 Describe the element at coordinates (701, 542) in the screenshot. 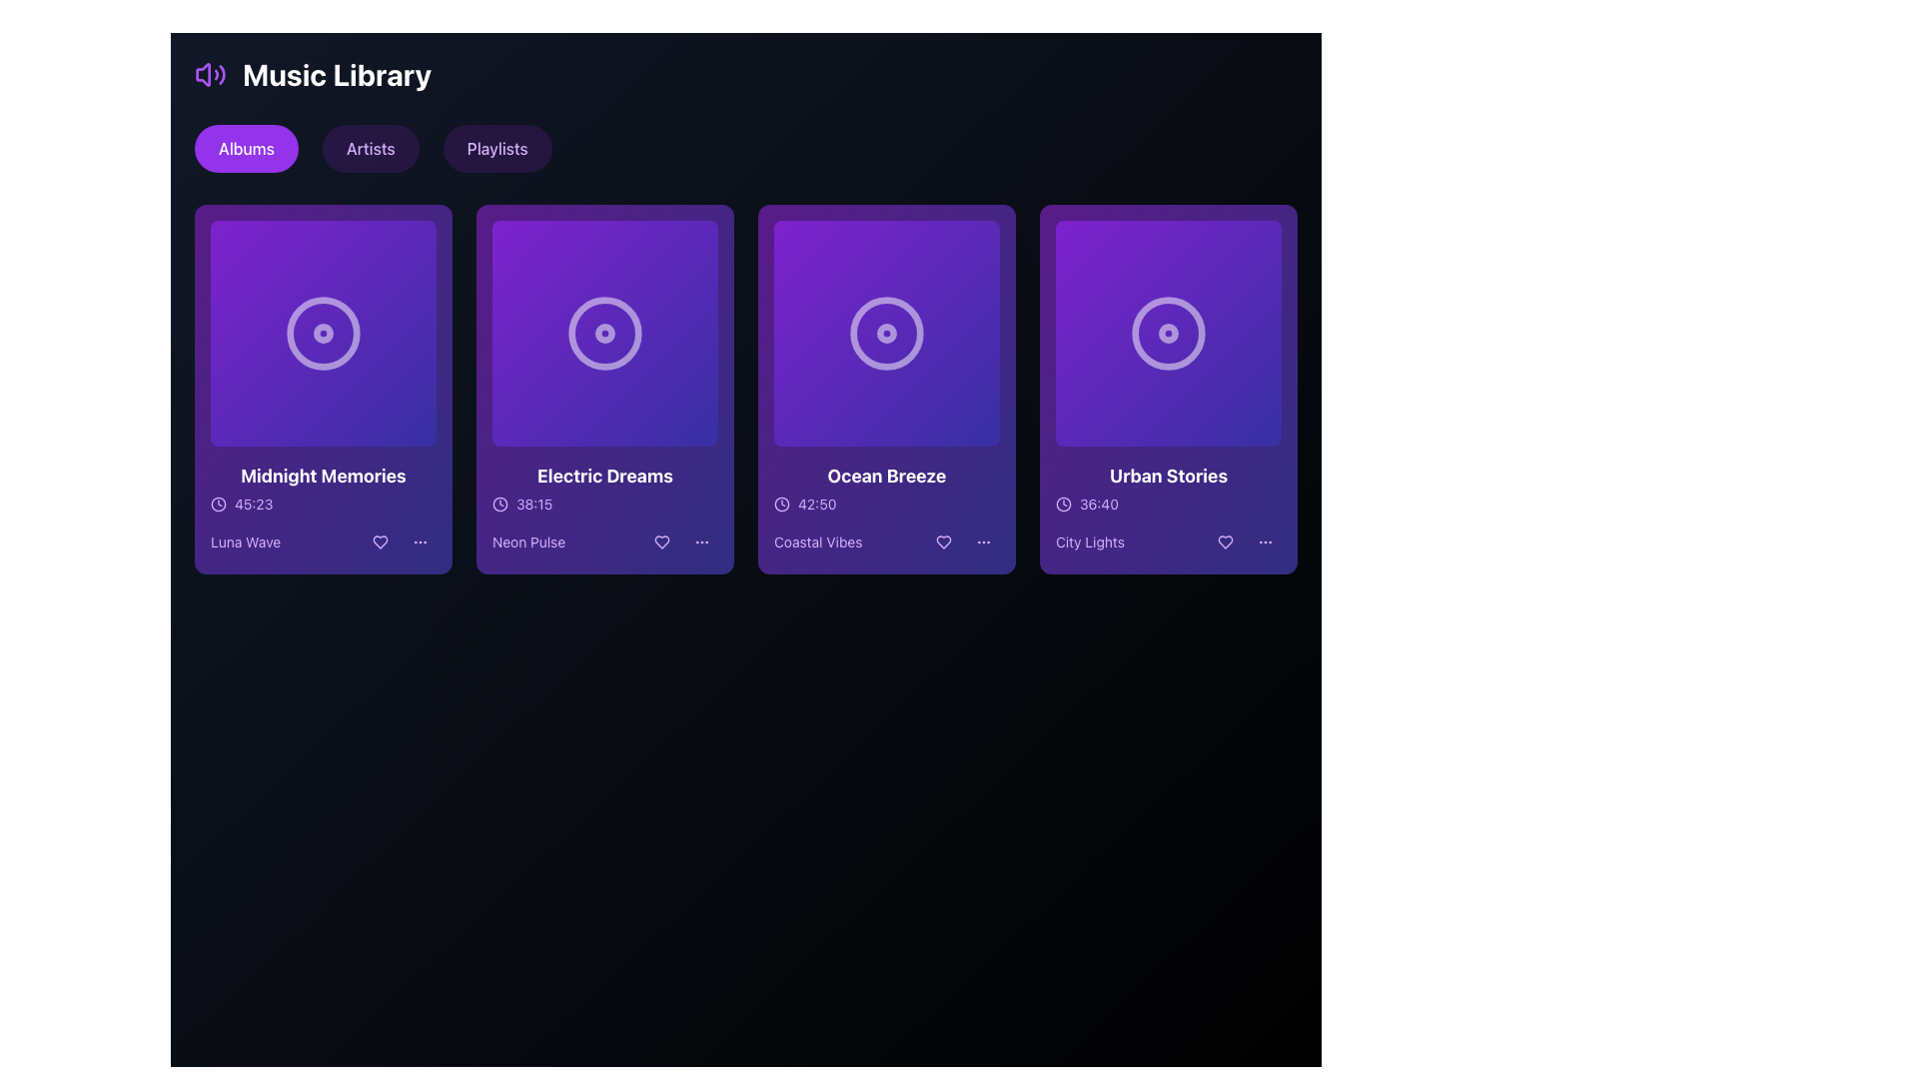

I see `the Ellipsis icon located at the bottom-right corner of the 'Electric Dreams' card` at that location.